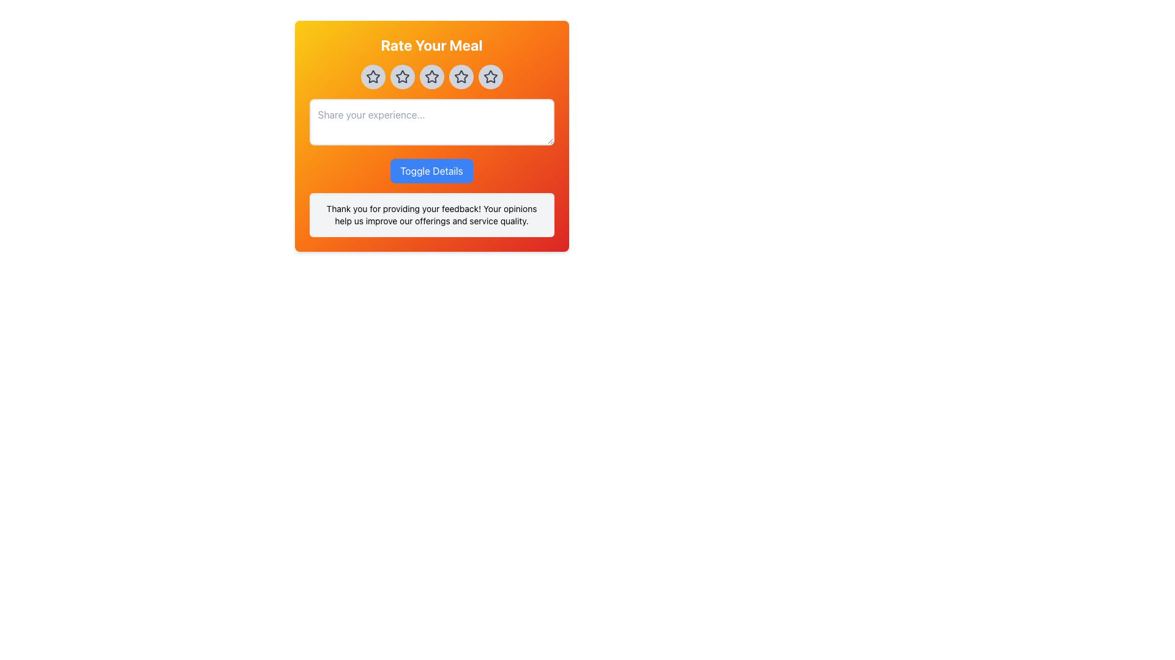 The height and width of the screenshot is (660, 1175). I want to click on the fifth star icon in the rating component, so click(490, 77).